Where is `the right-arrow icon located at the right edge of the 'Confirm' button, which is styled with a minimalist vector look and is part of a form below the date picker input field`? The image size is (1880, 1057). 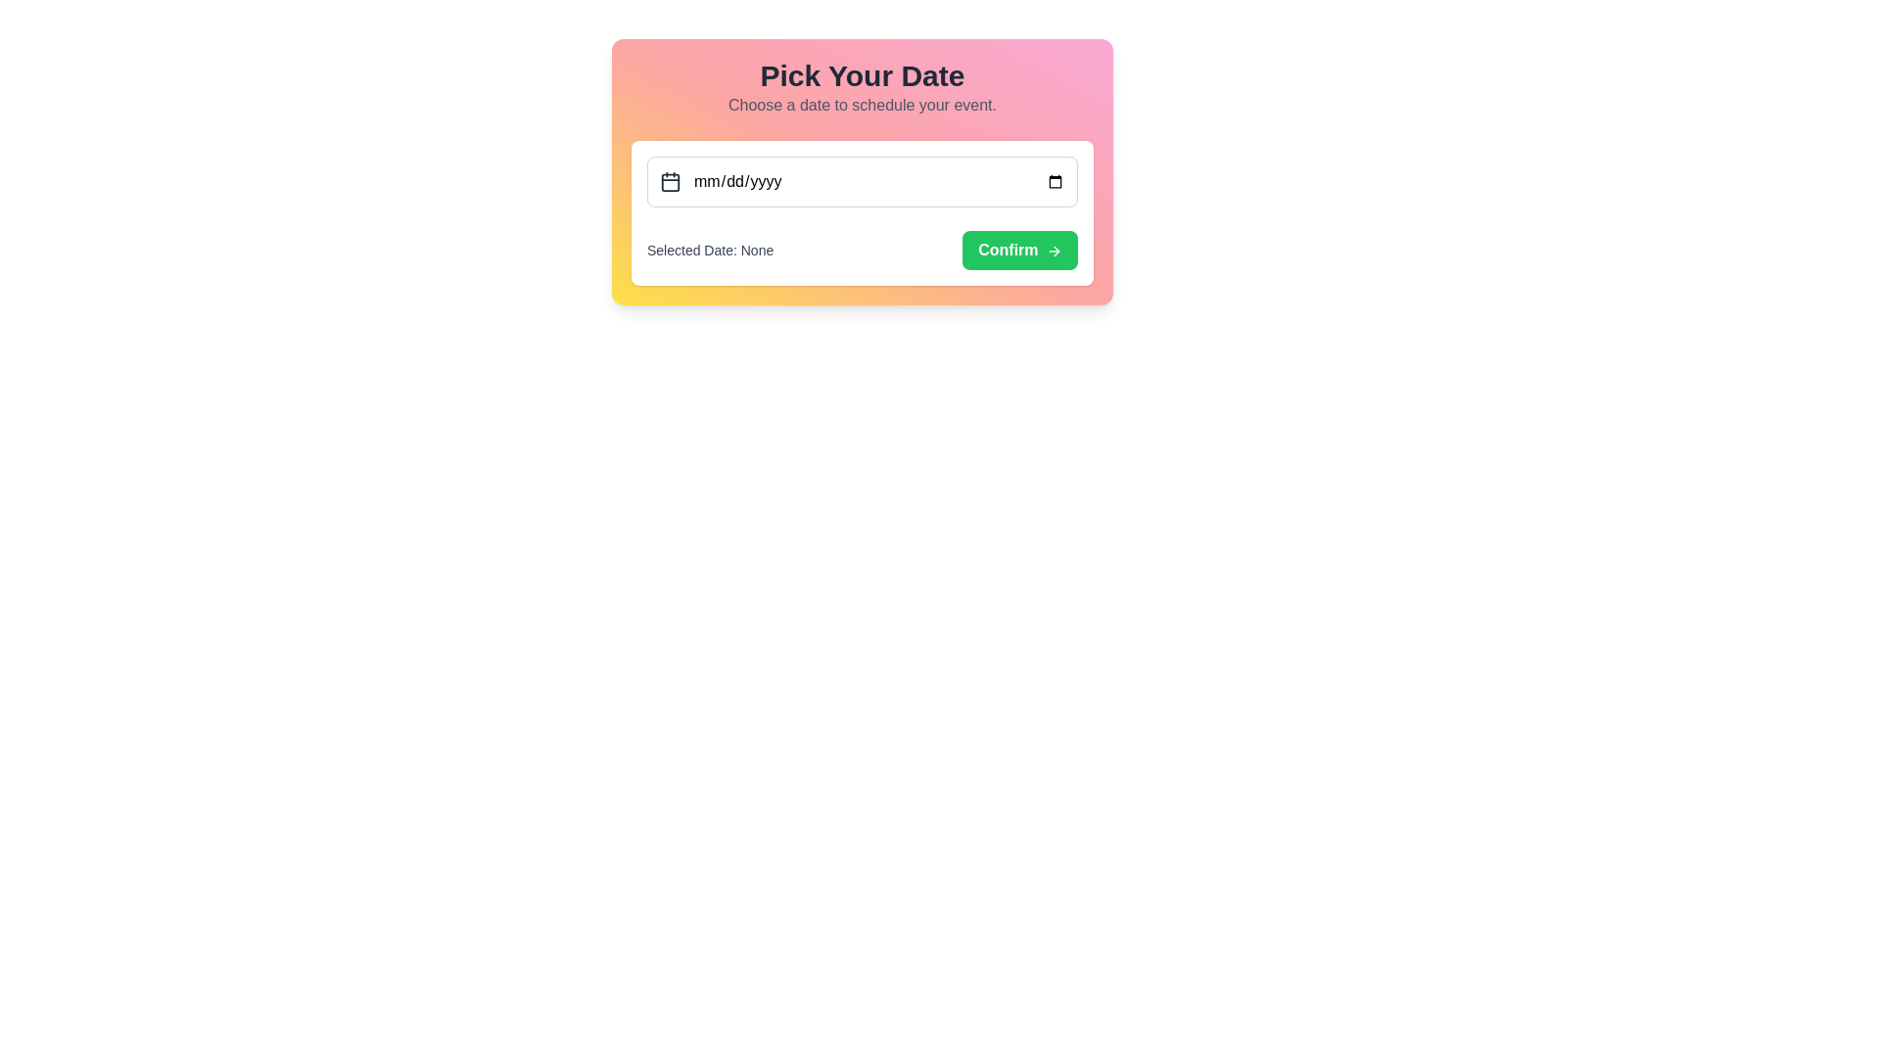 the right-arrow icon located at the right edge of the 'Confirm' button, which is styled with a minimalist vector look and is part of a form below the date picker input field is located at coordinates (1053, 249).